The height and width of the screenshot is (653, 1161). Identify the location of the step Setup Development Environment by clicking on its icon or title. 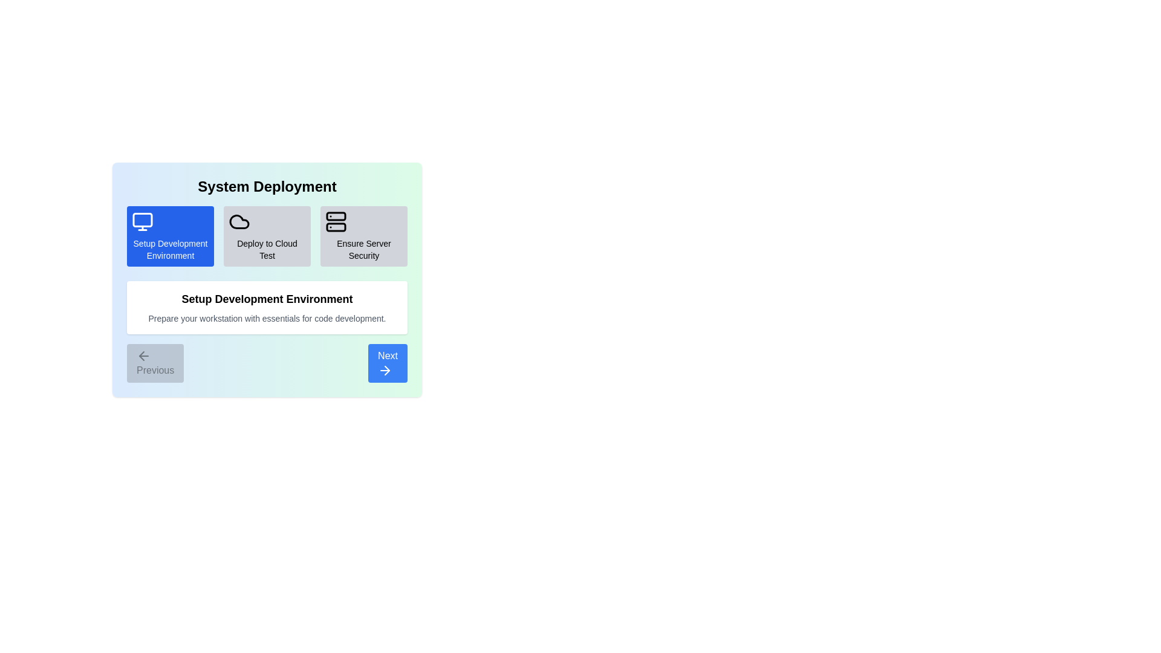
(170, 236).